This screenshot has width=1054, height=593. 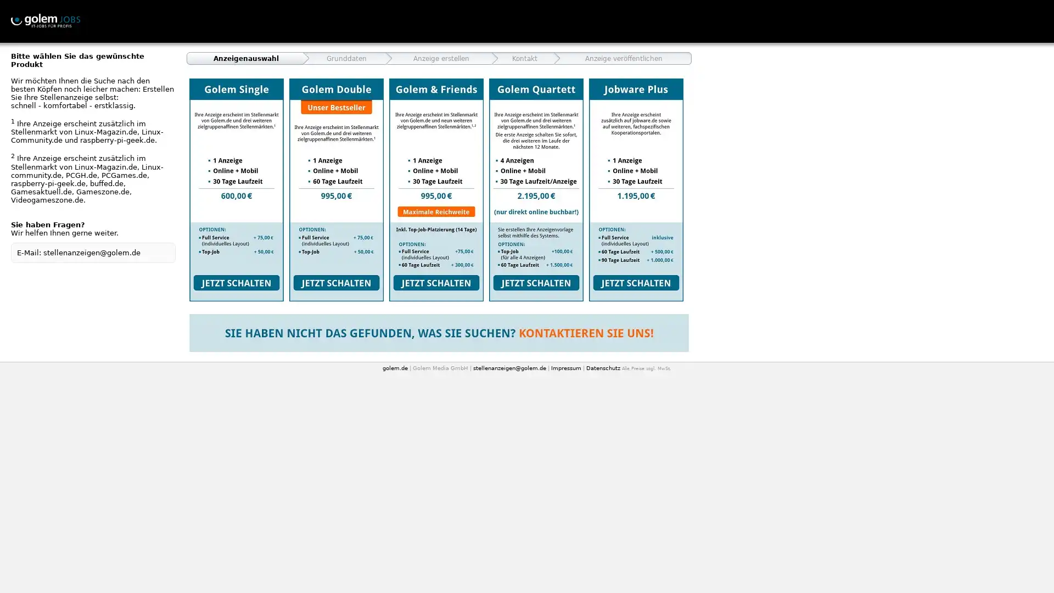 I want to click on Submit, so click(x=636, y=189).